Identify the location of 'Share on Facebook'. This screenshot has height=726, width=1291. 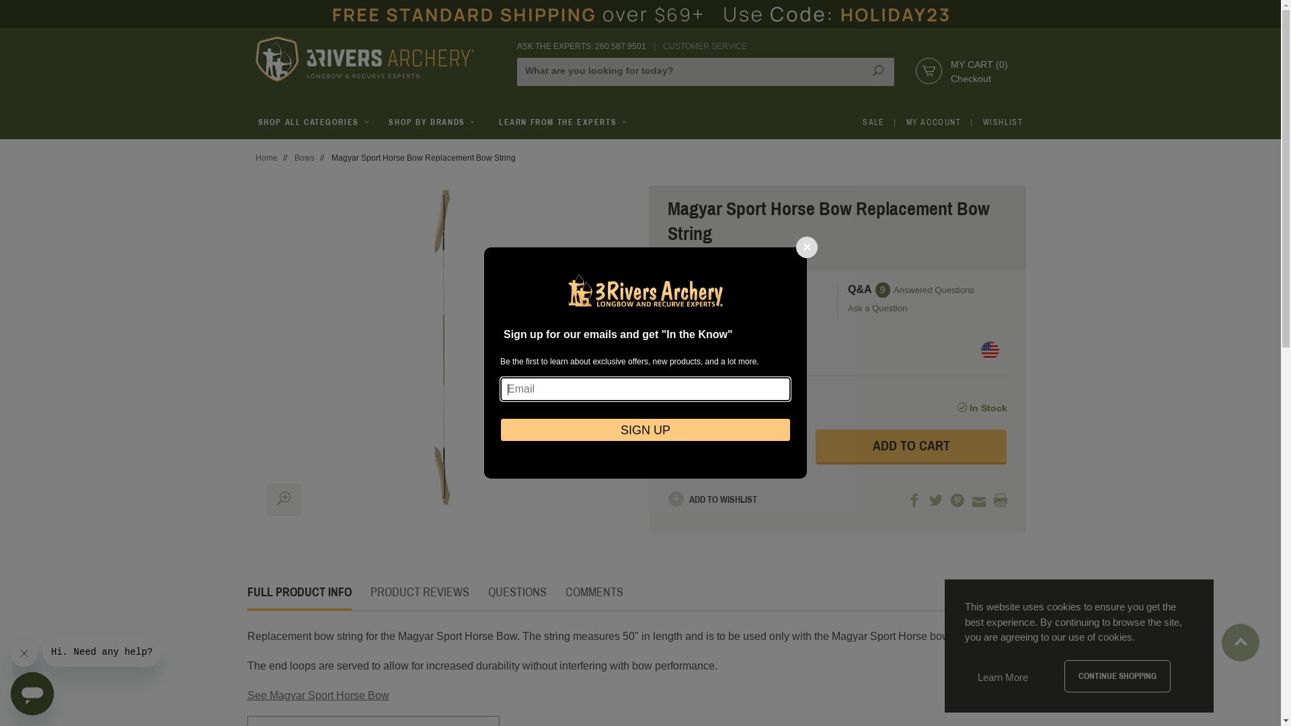
(914, 501).